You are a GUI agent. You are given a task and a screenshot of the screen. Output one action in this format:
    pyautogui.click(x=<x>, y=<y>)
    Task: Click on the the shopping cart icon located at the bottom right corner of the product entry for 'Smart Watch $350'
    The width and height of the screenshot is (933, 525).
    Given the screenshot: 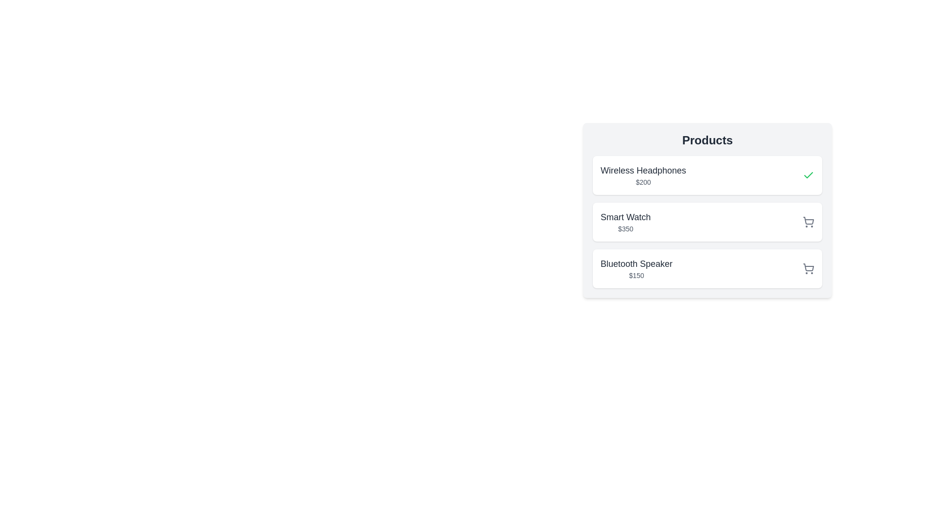 What is the action you would take?
    pyautogui.click(x=809, y=222)
    